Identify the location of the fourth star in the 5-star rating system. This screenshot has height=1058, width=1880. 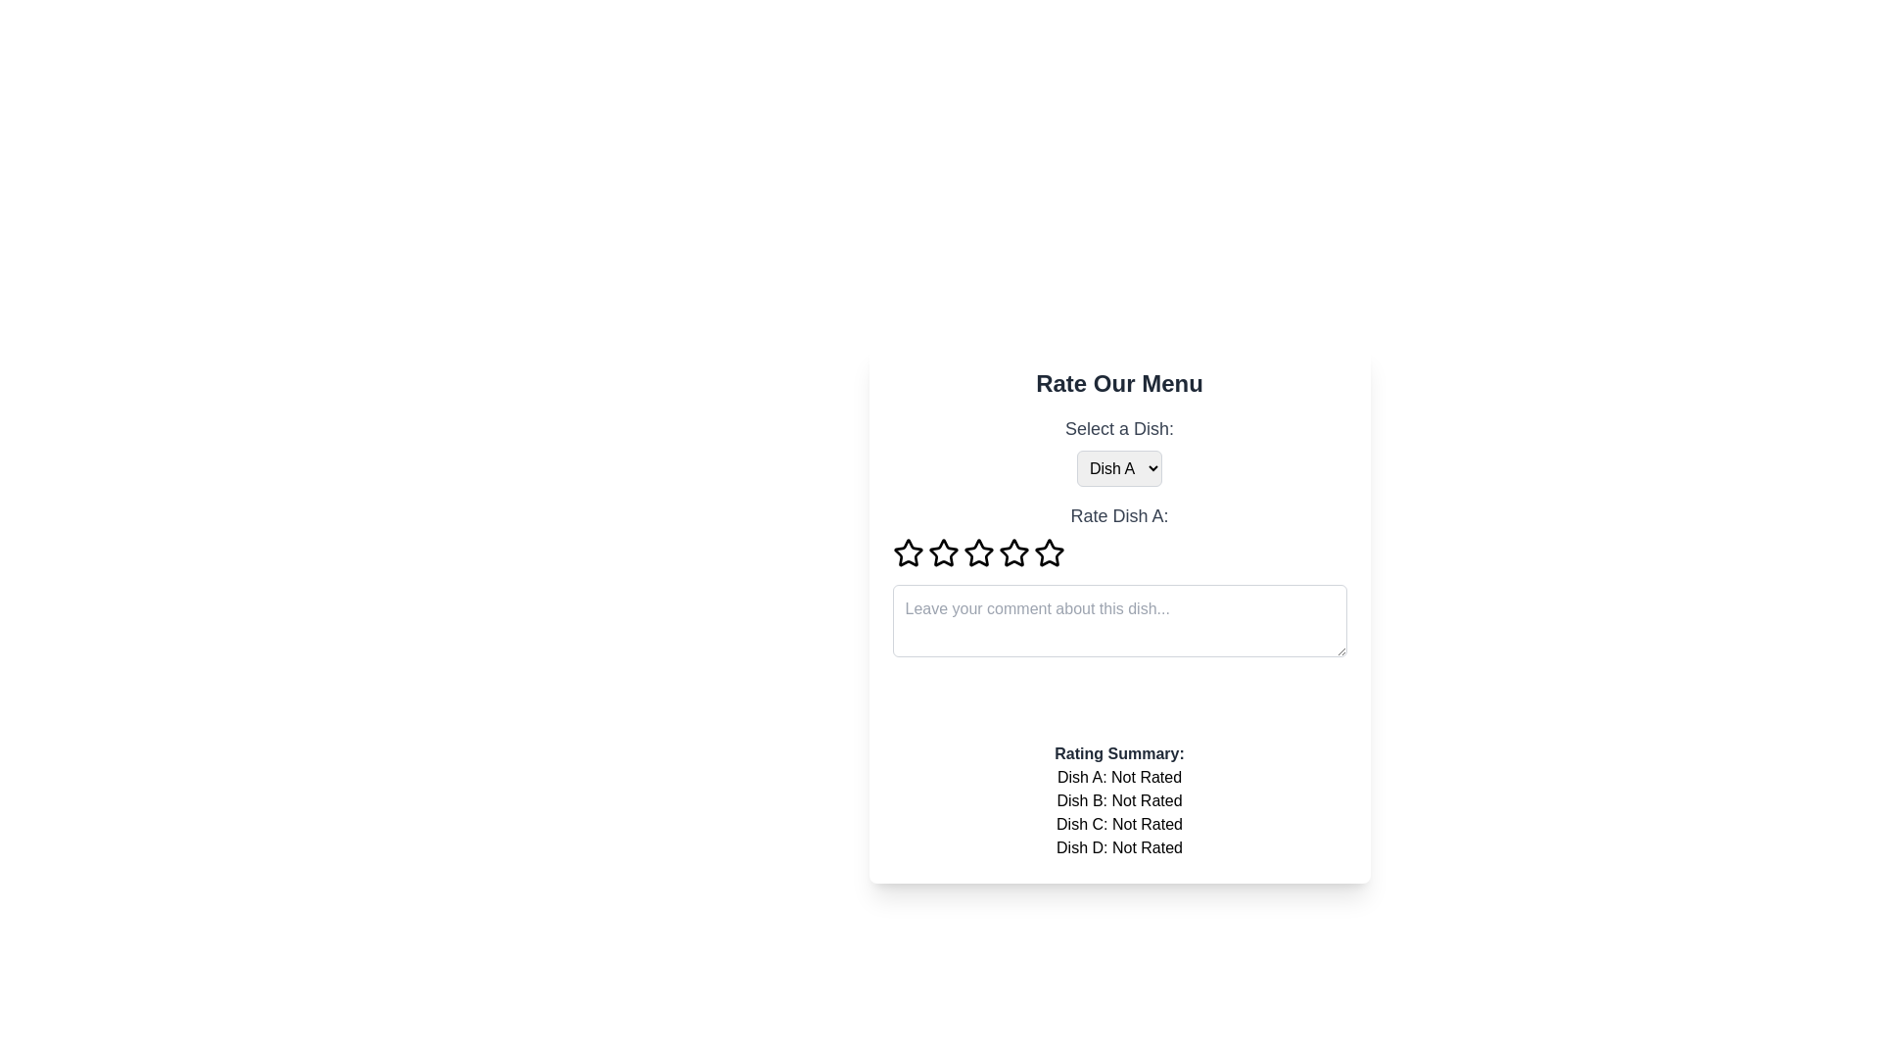
(1048, 553).